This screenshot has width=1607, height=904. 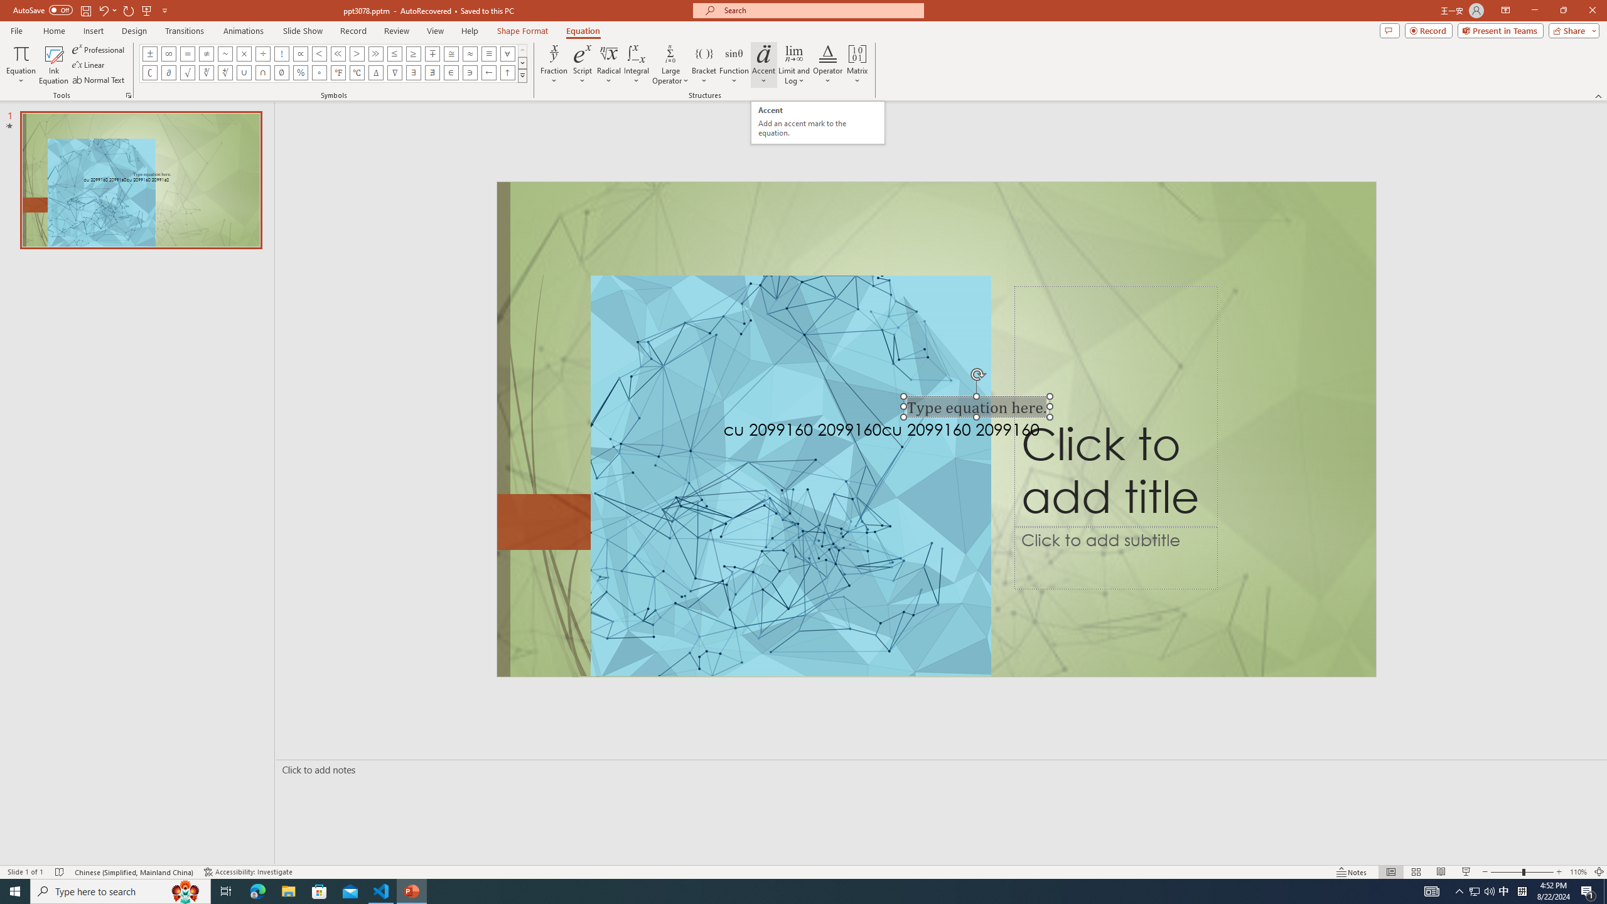 What do you see at coordinates (432, 72) in the screenshot?
I see `'Equation Symbol There Does Not Exist'` at bounding box center [432, 72].